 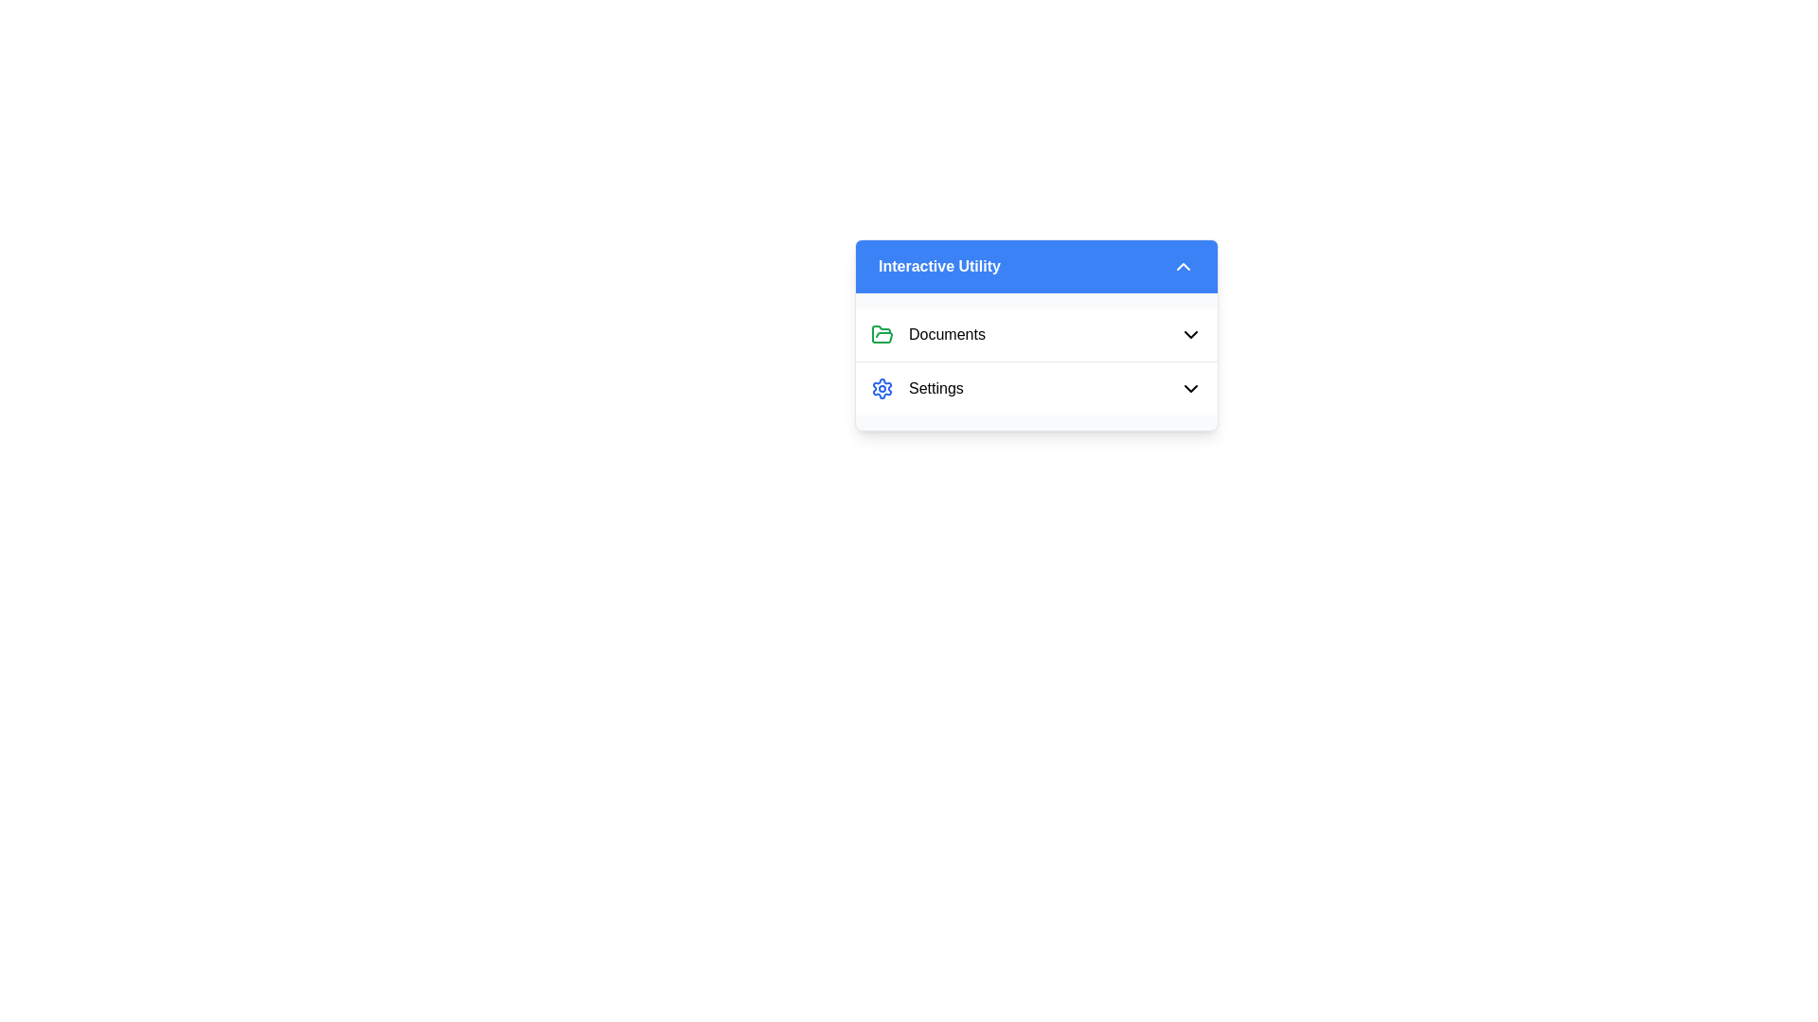 I want to click on text label representing the 'Documents' section located to the right of the green folder icon in the 'Interactive Utility' panel, so click(x=947, y=334).